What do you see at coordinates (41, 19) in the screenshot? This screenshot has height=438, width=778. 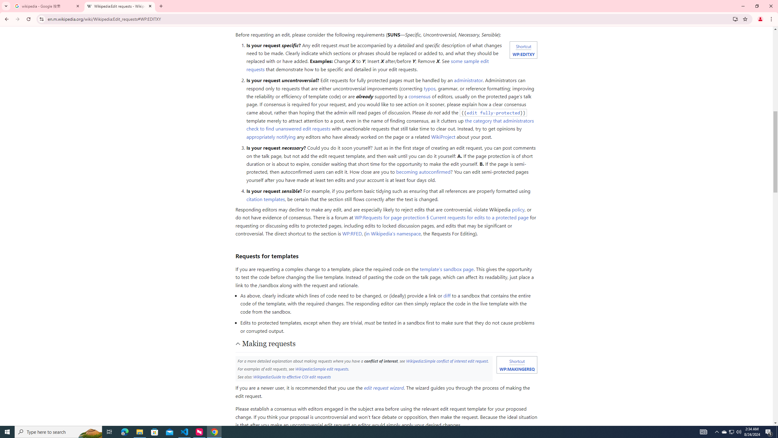 I see `'View site information'` at bounding box center [41, 19].